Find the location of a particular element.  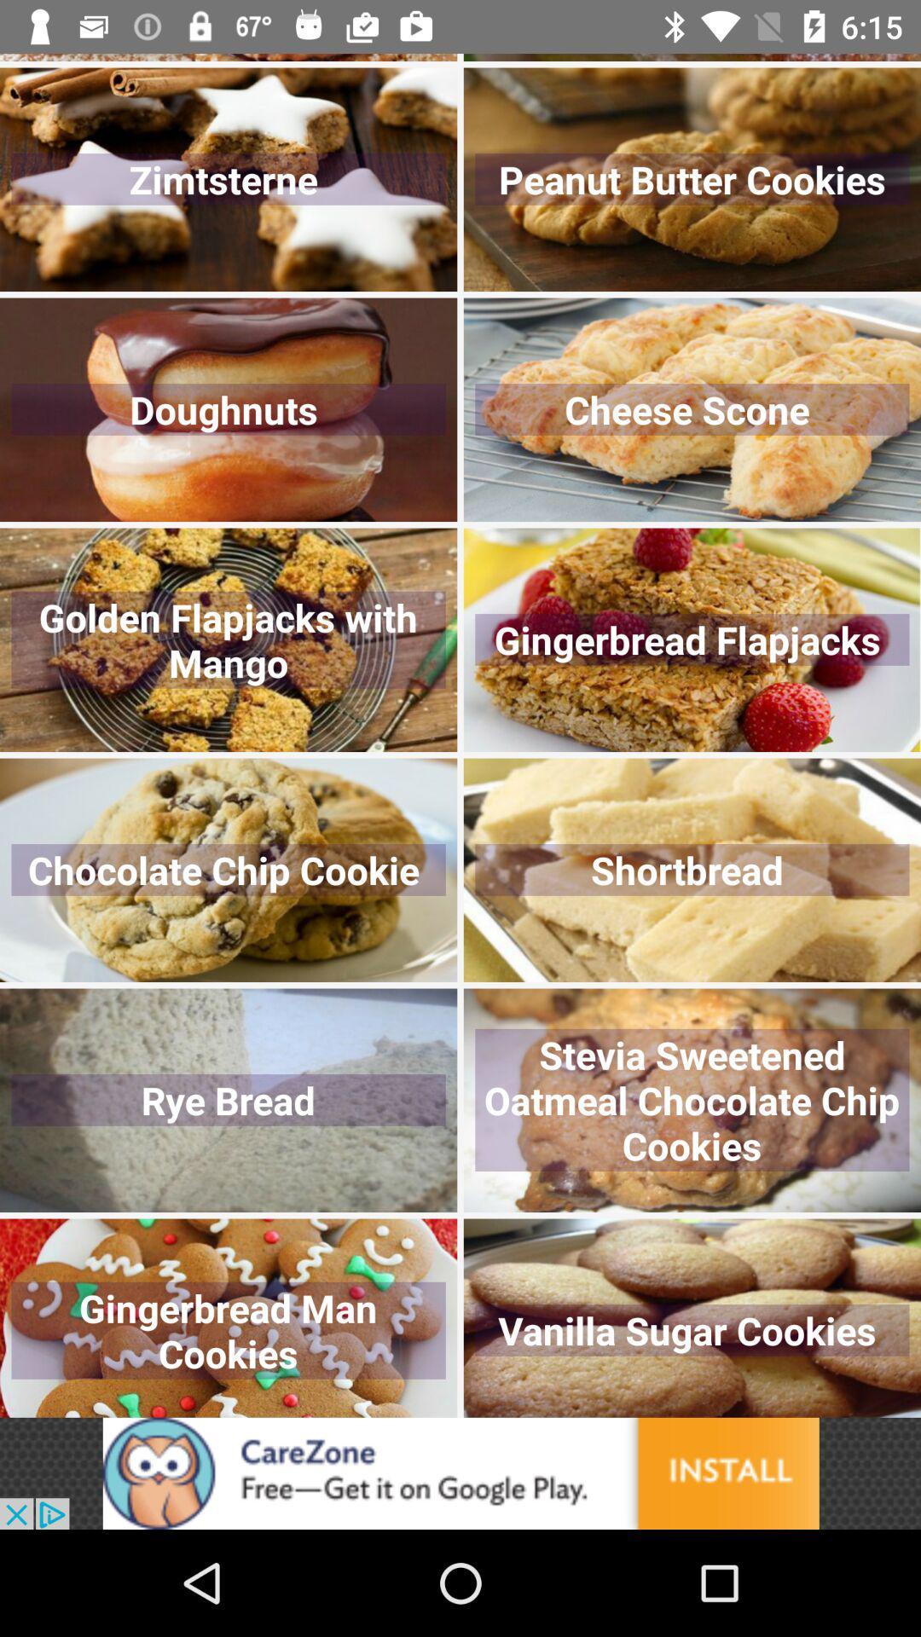

the image which says peanut butter cookies is located at coordinates (692, 180).